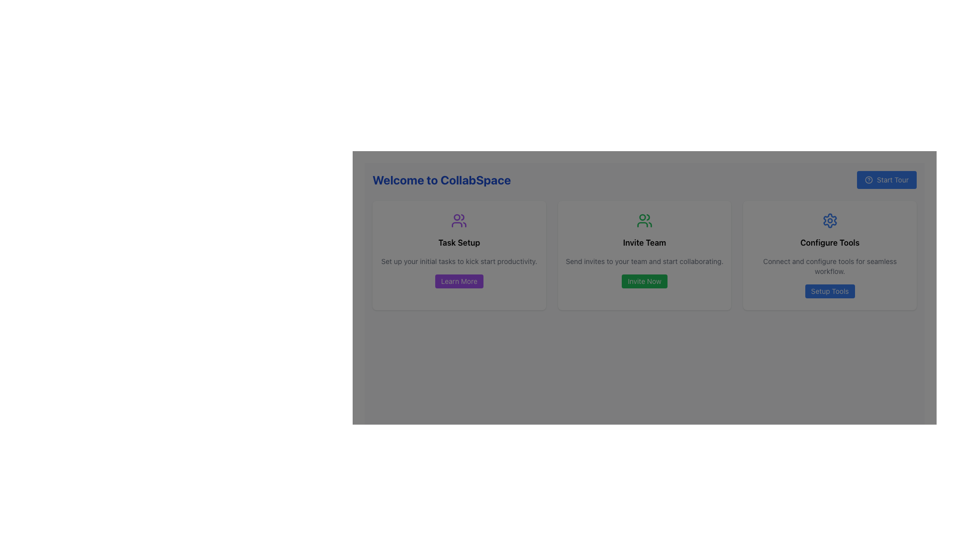  I want to click on the help icon located in the top-right corner of the 'Start Tour' button, so click(868, 180).